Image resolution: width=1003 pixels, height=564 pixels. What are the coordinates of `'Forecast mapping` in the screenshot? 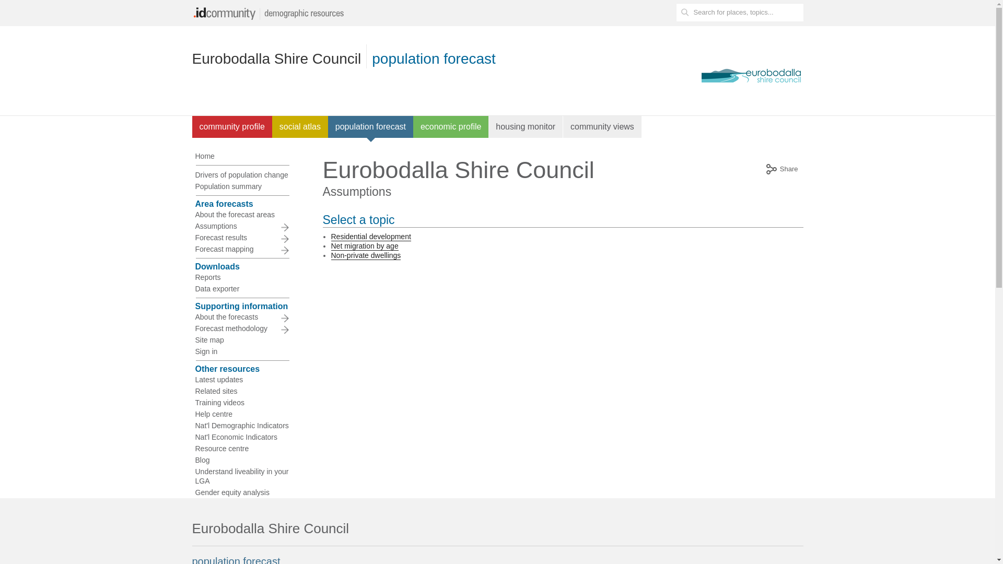 It's located at (241, 249).